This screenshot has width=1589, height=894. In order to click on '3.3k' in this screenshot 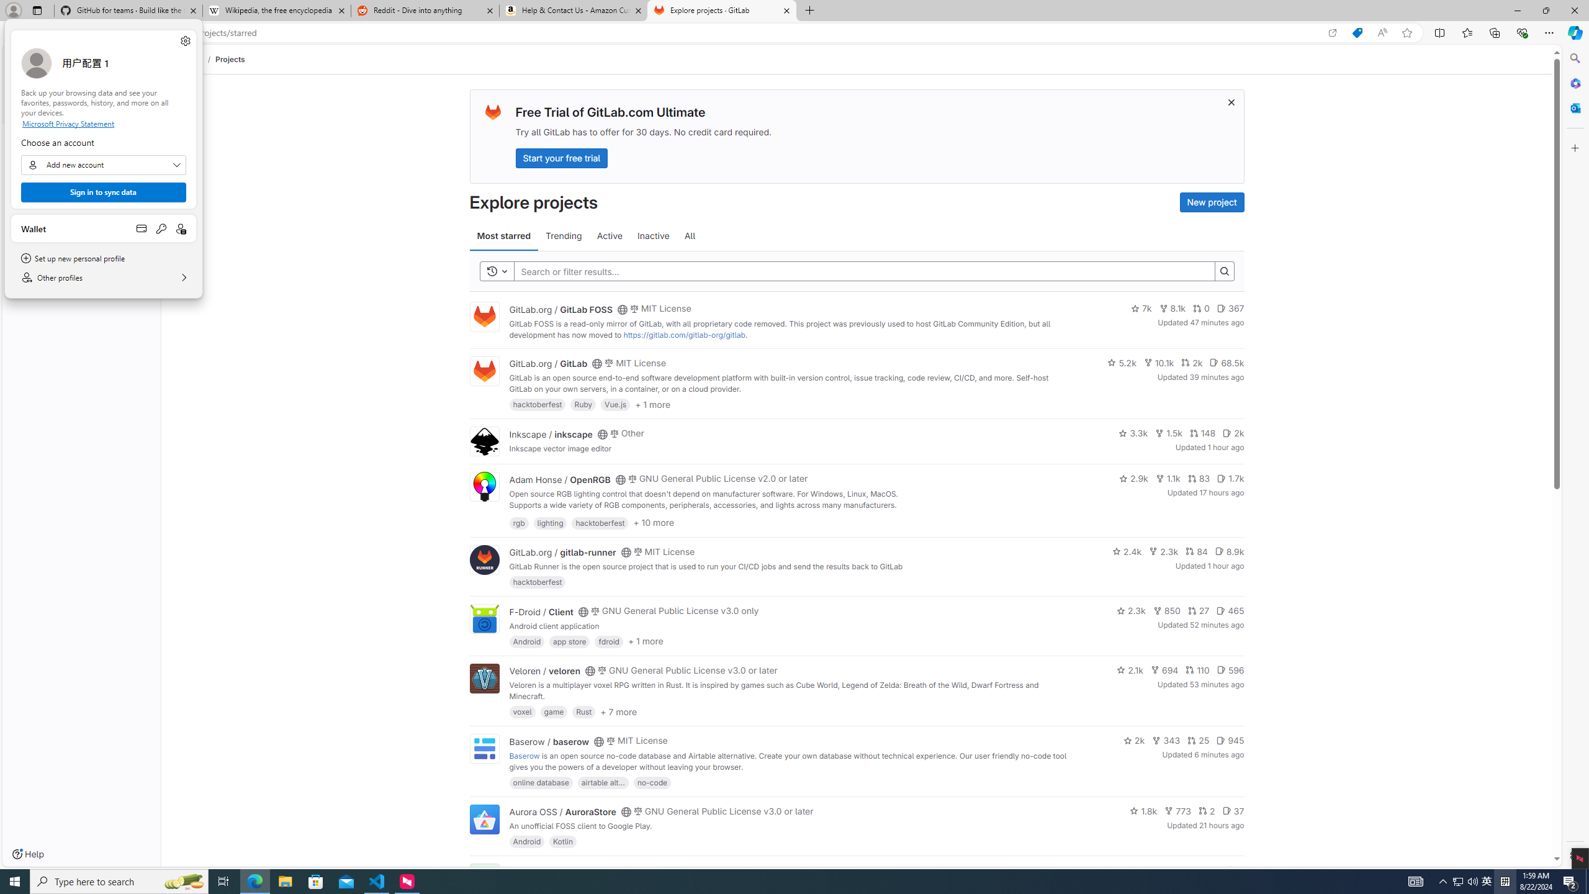, I will do `click(1133, 433)`.